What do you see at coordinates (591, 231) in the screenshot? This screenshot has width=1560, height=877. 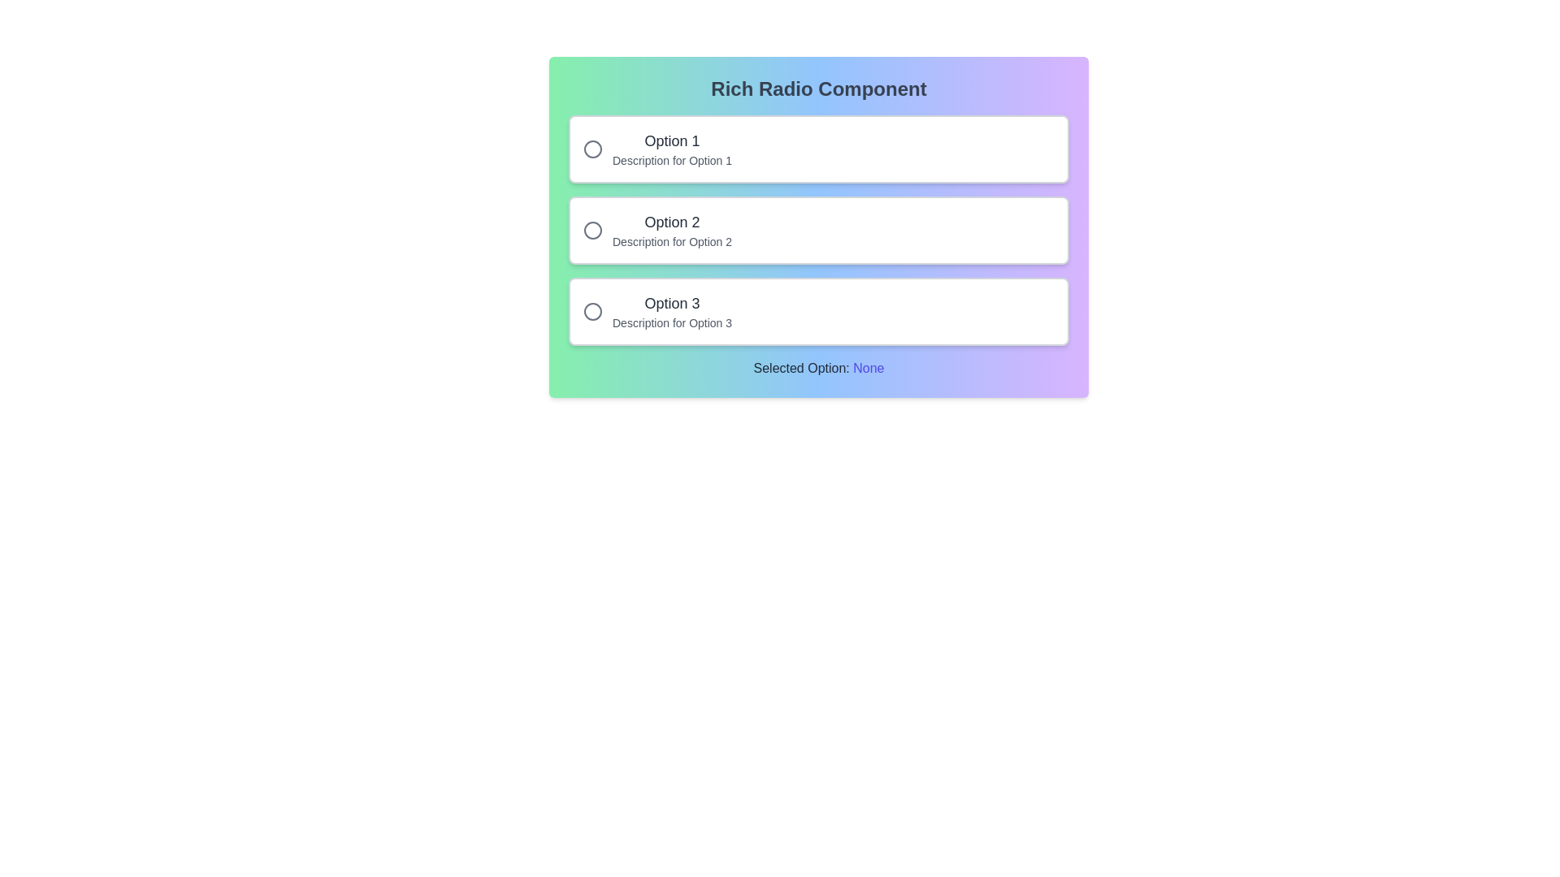 I see `the circular selection mark of the second radio button in a vertical list to interact with the radio button` at bounding box center [591, 231].